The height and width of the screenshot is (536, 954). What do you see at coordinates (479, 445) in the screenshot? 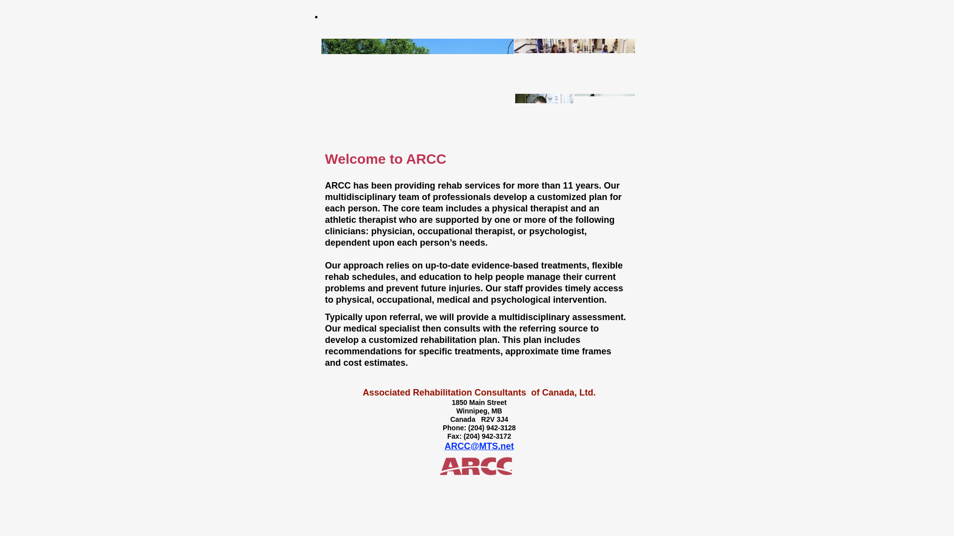
I see `'ARCC@MTS.net'` at bounding box center [479, 445].